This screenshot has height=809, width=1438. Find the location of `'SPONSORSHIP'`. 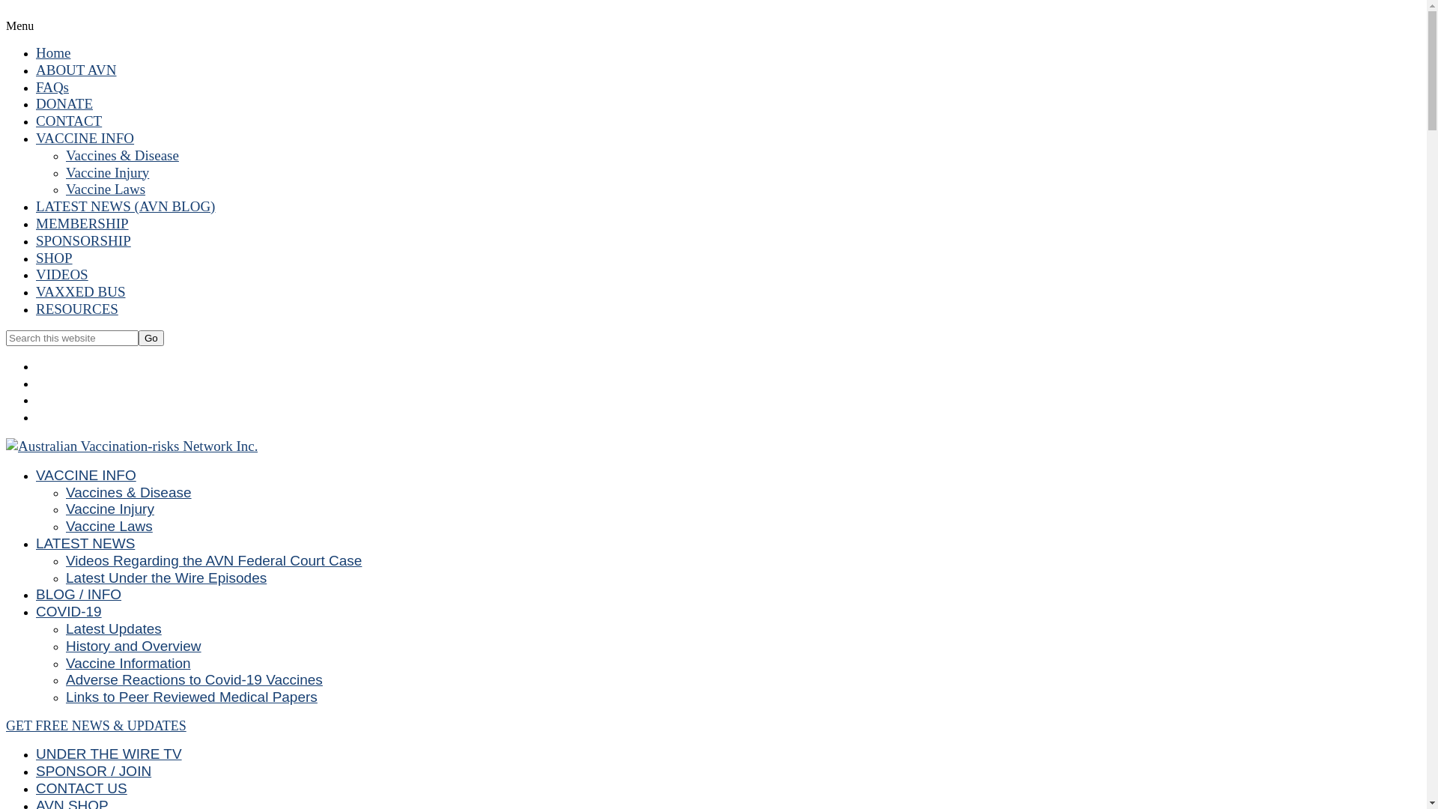

'SPONSORSHIP' is located at coordinates (82, 240).